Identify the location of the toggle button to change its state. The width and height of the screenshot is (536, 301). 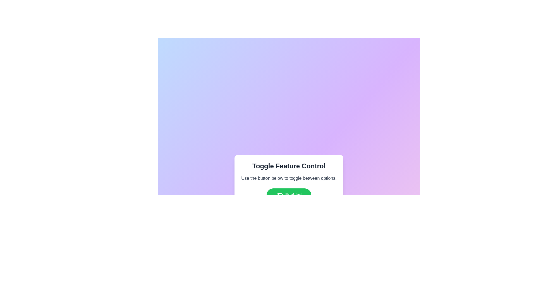
(289, 195).